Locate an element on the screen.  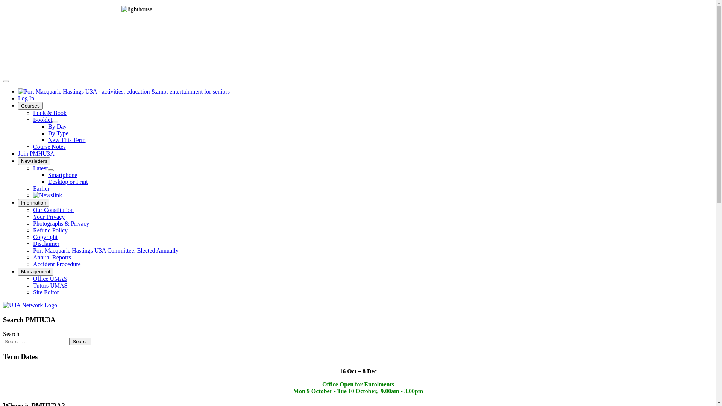
'Photographs & Privacy' is located at coordinates (61, 223).